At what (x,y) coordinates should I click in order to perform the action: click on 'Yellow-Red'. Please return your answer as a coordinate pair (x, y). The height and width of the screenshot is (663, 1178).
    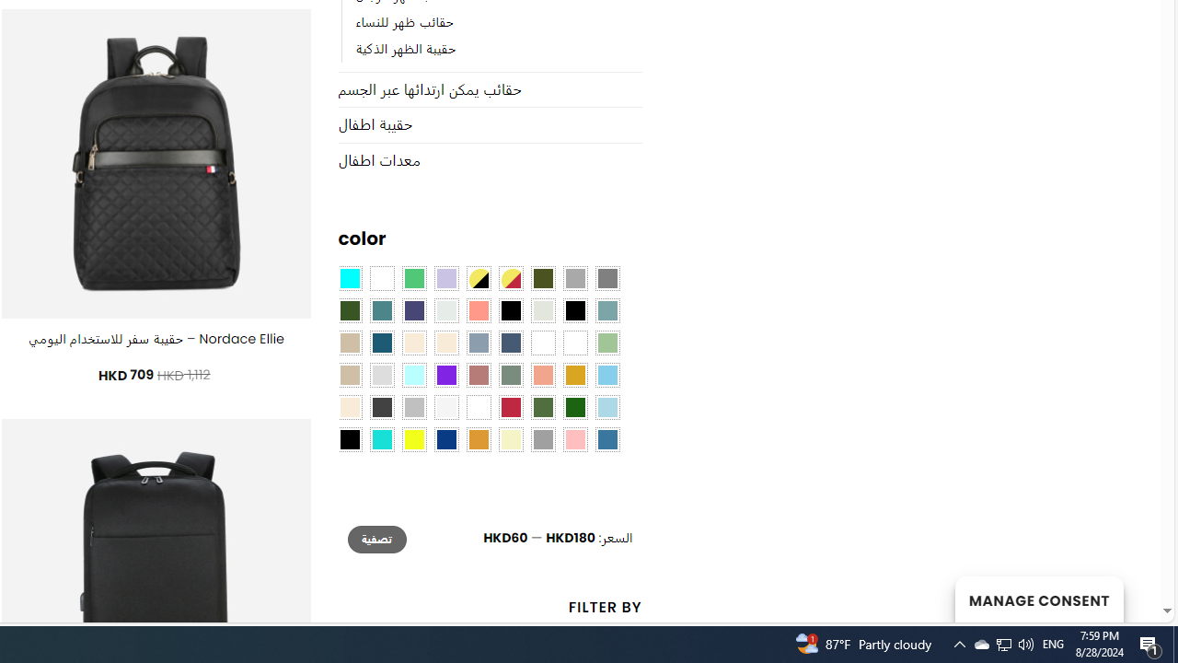
    Looking at the image, I should click on (510, 279).